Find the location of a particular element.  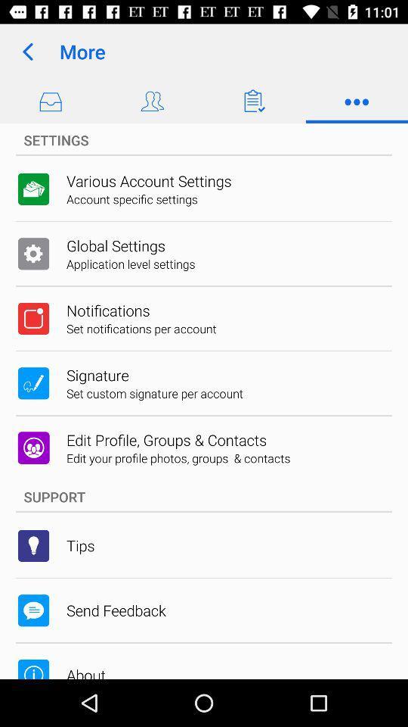

the item above the send feedback icon is located at coordinates (80, 545).